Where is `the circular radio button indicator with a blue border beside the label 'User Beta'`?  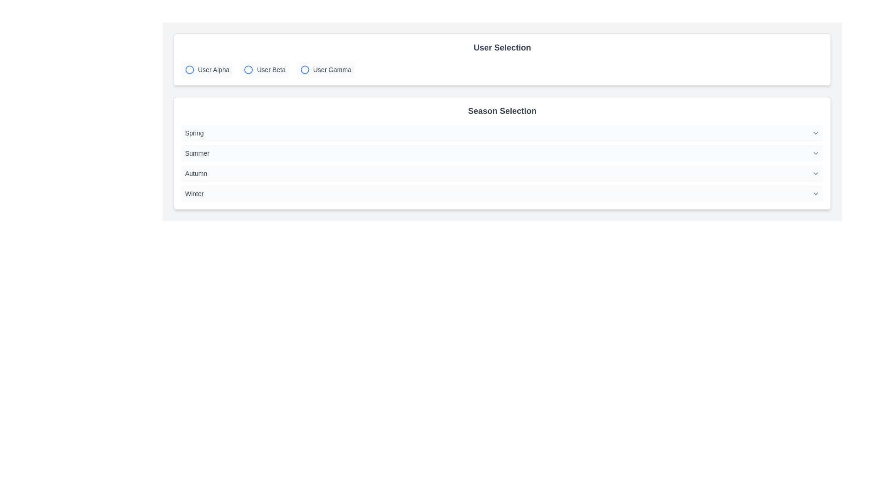
the circular radio button indicator with a blue border beside the label 'User Beta' is located at coordinates (249, 69).